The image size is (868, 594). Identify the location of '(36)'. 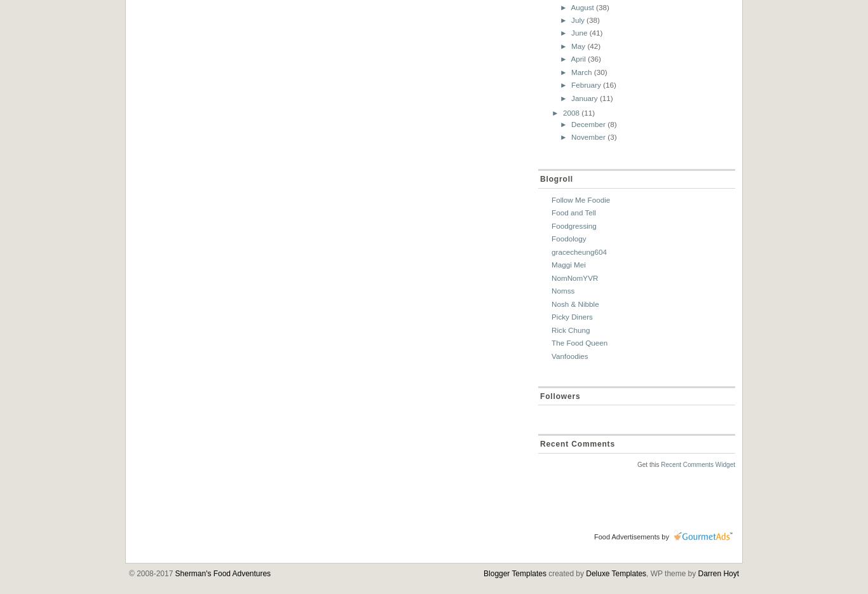
(594, 58).